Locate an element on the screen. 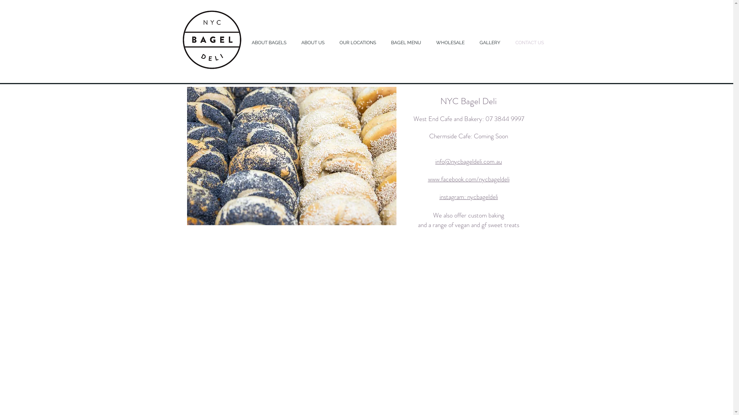  'CONTACT US' is located at coordinates (510, 43).